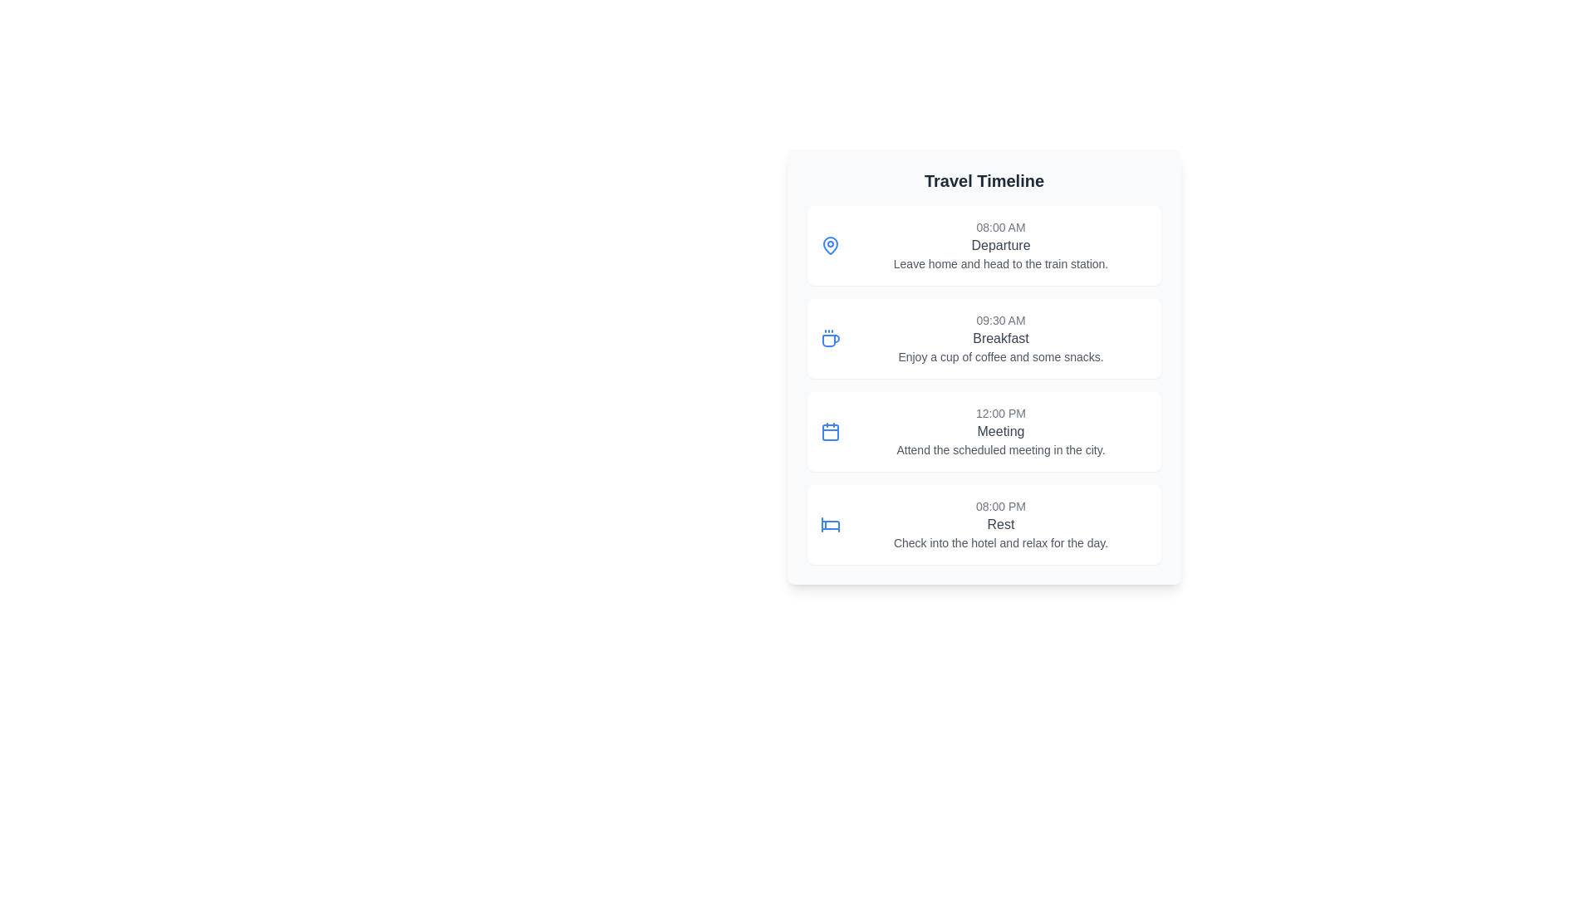 This screenshot has height=897, width=1595. What do you see at coordinates (830, 246) in the screenshot?
I see `the first icon on the left representing the '08:00 AM Departure' event in the timeline` at bounding box center [830, 246].